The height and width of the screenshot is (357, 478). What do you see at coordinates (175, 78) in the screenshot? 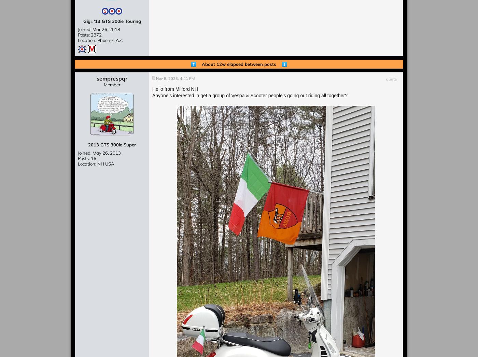
I see `'Nov 8, 2023, 4:41 PM'` at bounding box center [175, 78].